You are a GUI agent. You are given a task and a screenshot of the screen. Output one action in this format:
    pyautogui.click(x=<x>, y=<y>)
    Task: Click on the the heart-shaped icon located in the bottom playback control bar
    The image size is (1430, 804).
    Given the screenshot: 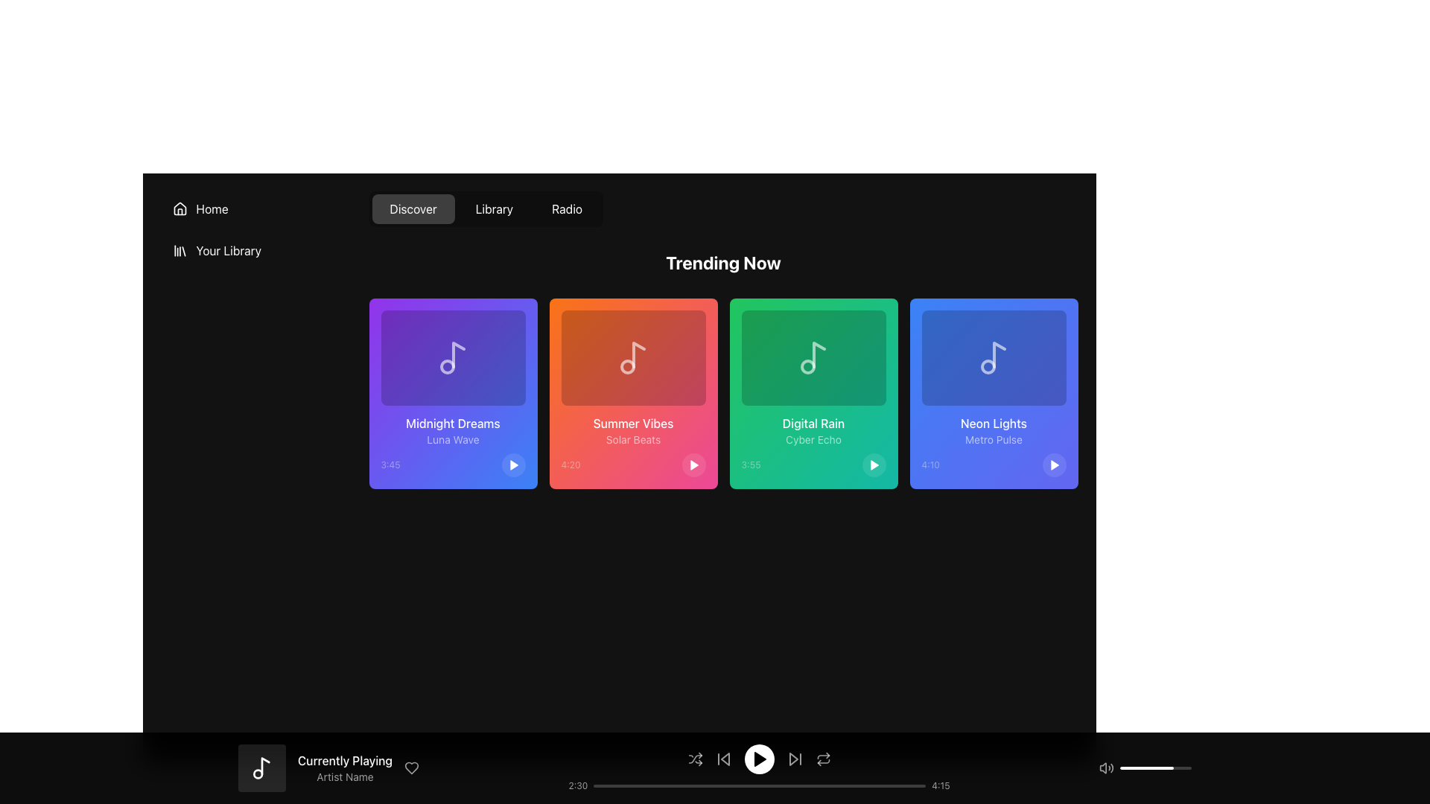 What is the action you would take?
    pyautogui.click(x=412, y=768)
    